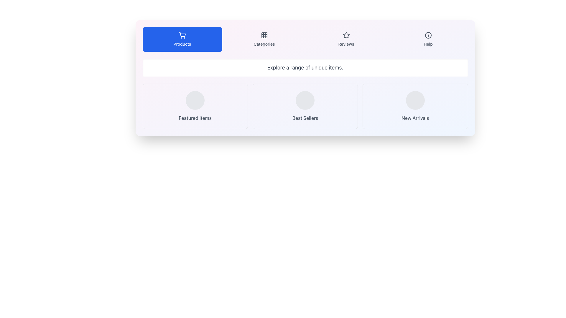  What do you see at coordinates (346, 39) in the screenshot?
I see `the 'Reviews' navigation button located in the horizontal navigation bar, specifically the third option from the left, positioned between 'Categories' and 'Help'` at bounding box center [346, 39].